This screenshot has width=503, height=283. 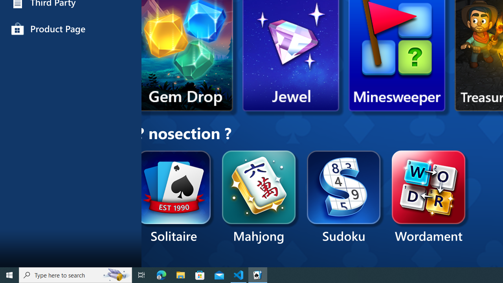 I want to click on 'File Explorer', so click(x=180, y=274).